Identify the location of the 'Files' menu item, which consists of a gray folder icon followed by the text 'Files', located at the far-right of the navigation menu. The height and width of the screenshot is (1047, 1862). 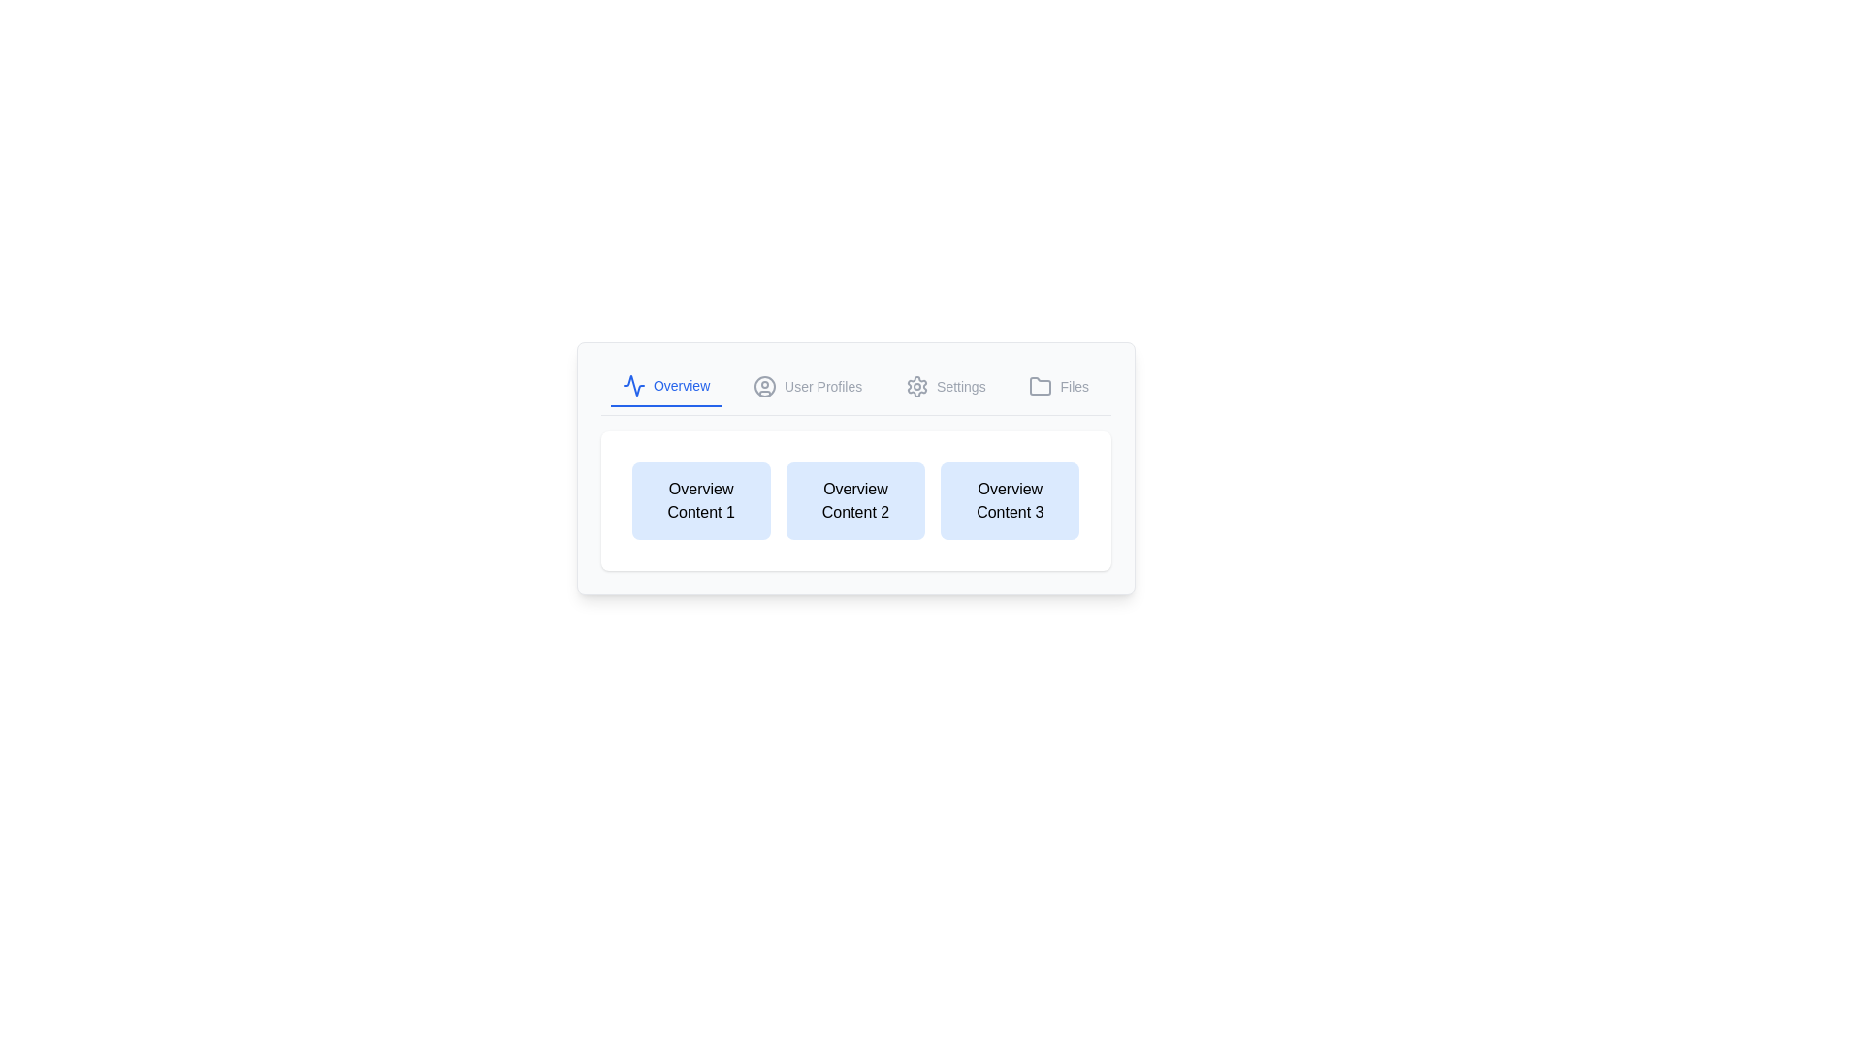
(1058, 386).